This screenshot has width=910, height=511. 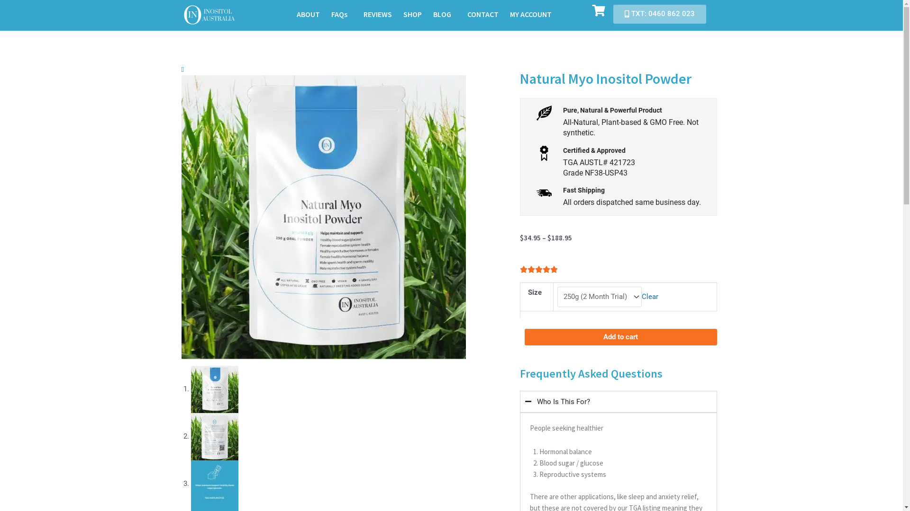 What do you see at coordinates (323, 217) in the screenshot?
I see `'Natural Myo Inositol Powder 1'` at bounding box center [323, 217].